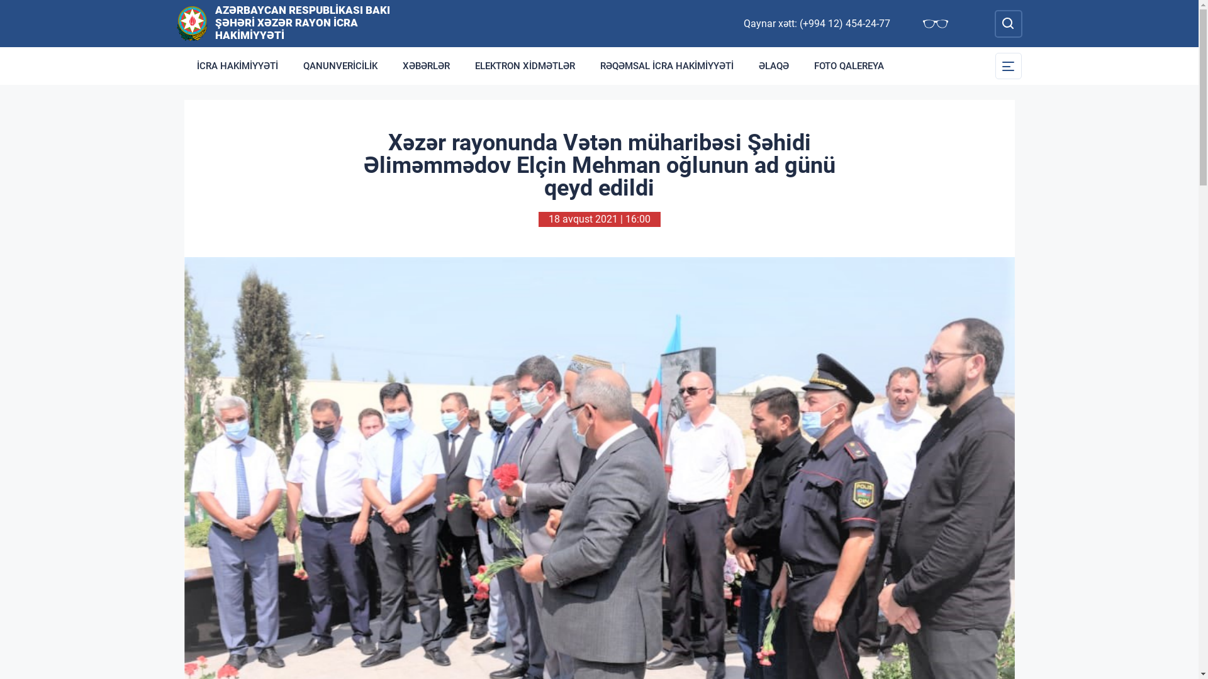 The height and width of the screenshot is (679, 1208). What do you see at coordinates (340, 65) in the screenshot?
I see `'QANUNVERICILIK'` at bounding box center [340, 65].